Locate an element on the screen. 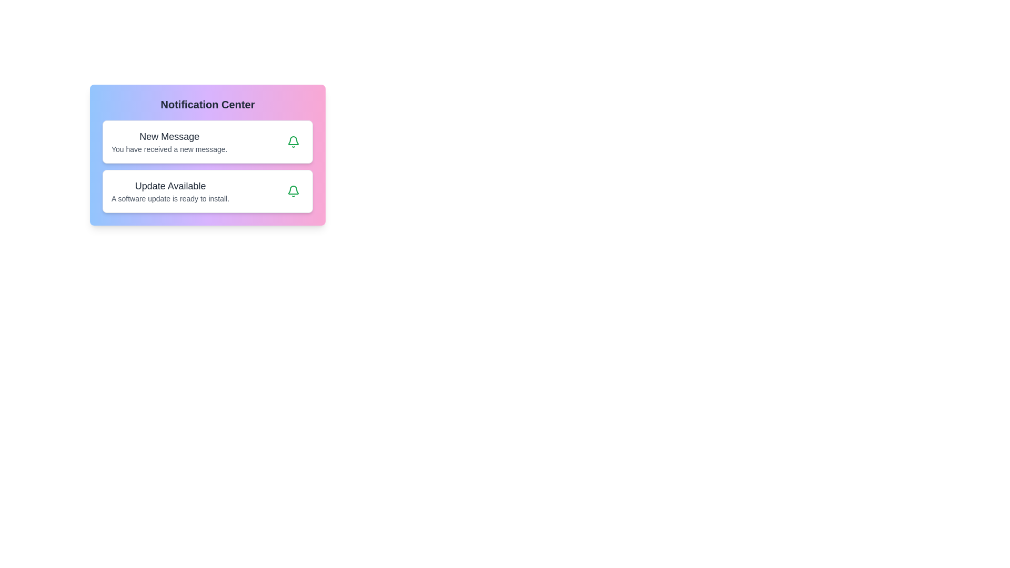 The image size is (1010, 568). the text label displaying 'A software update is ready to install.' which is located under the bold text 'Update Available' within the notification card in the Notification Center is located at coordinates (170, 199).